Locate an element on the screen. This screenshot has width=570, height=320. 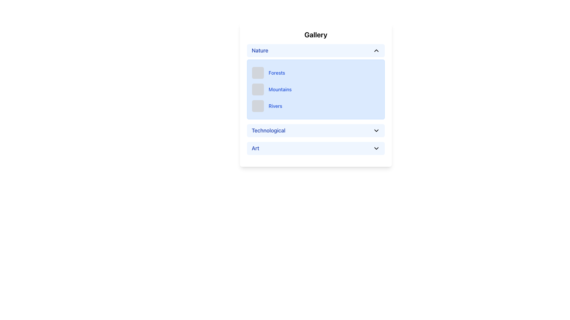
the category label text element that serves as a visual identifier within the interface is located at coordinates (255, 148).